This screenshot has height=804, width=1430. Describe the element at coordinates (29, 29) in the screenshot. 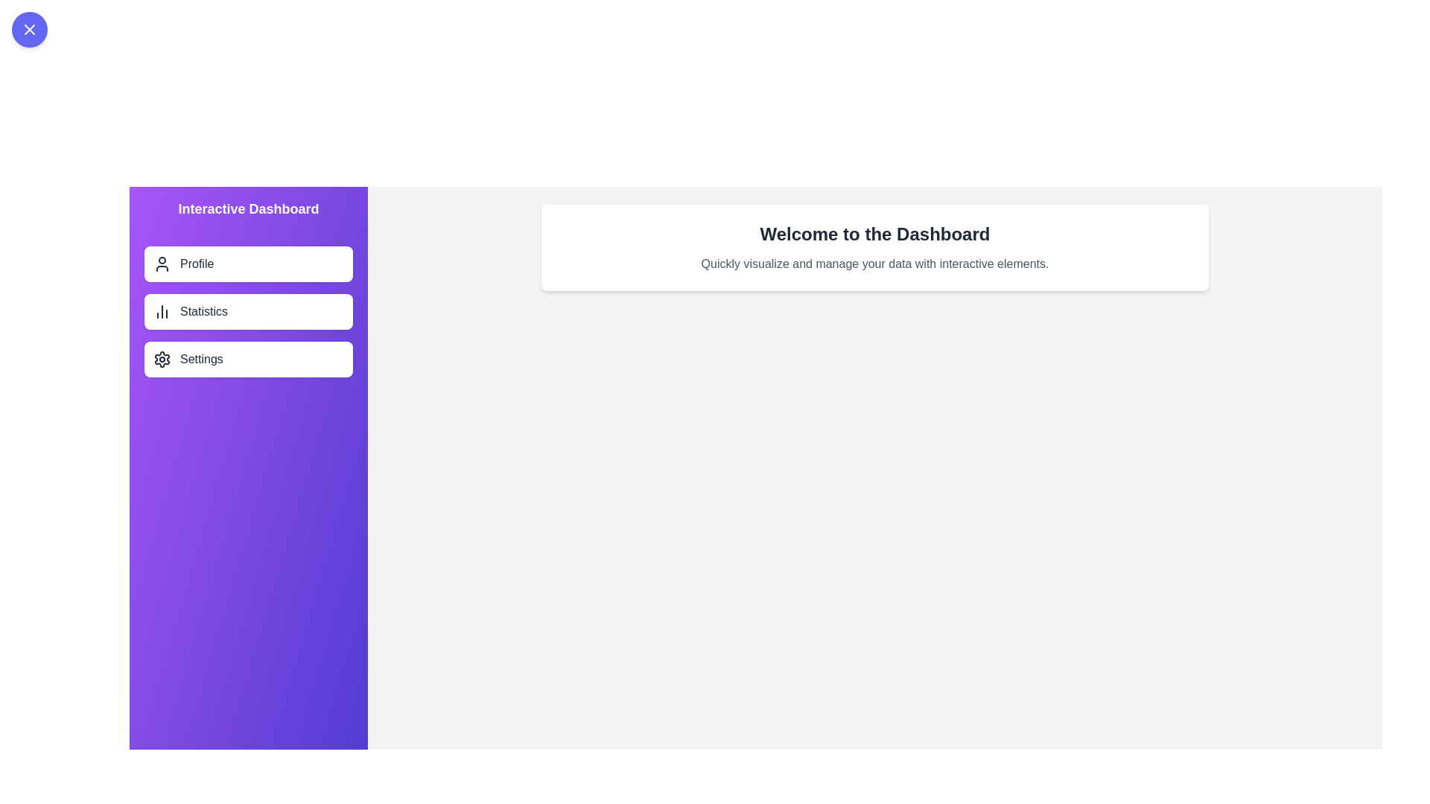

I see `the close button to toggle the sidebar visibility` at that location.